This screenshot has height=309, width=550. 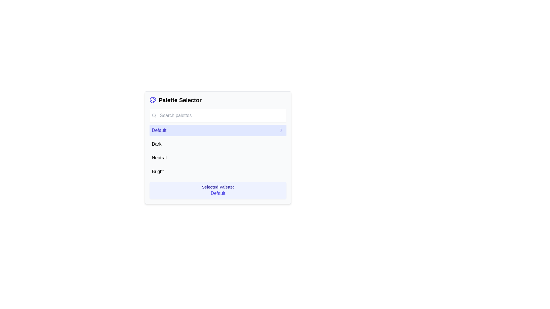 I want to click on the chevron icon located within the interactive area of the 'Default' item in the palette selector, so click(x=281, y=130).